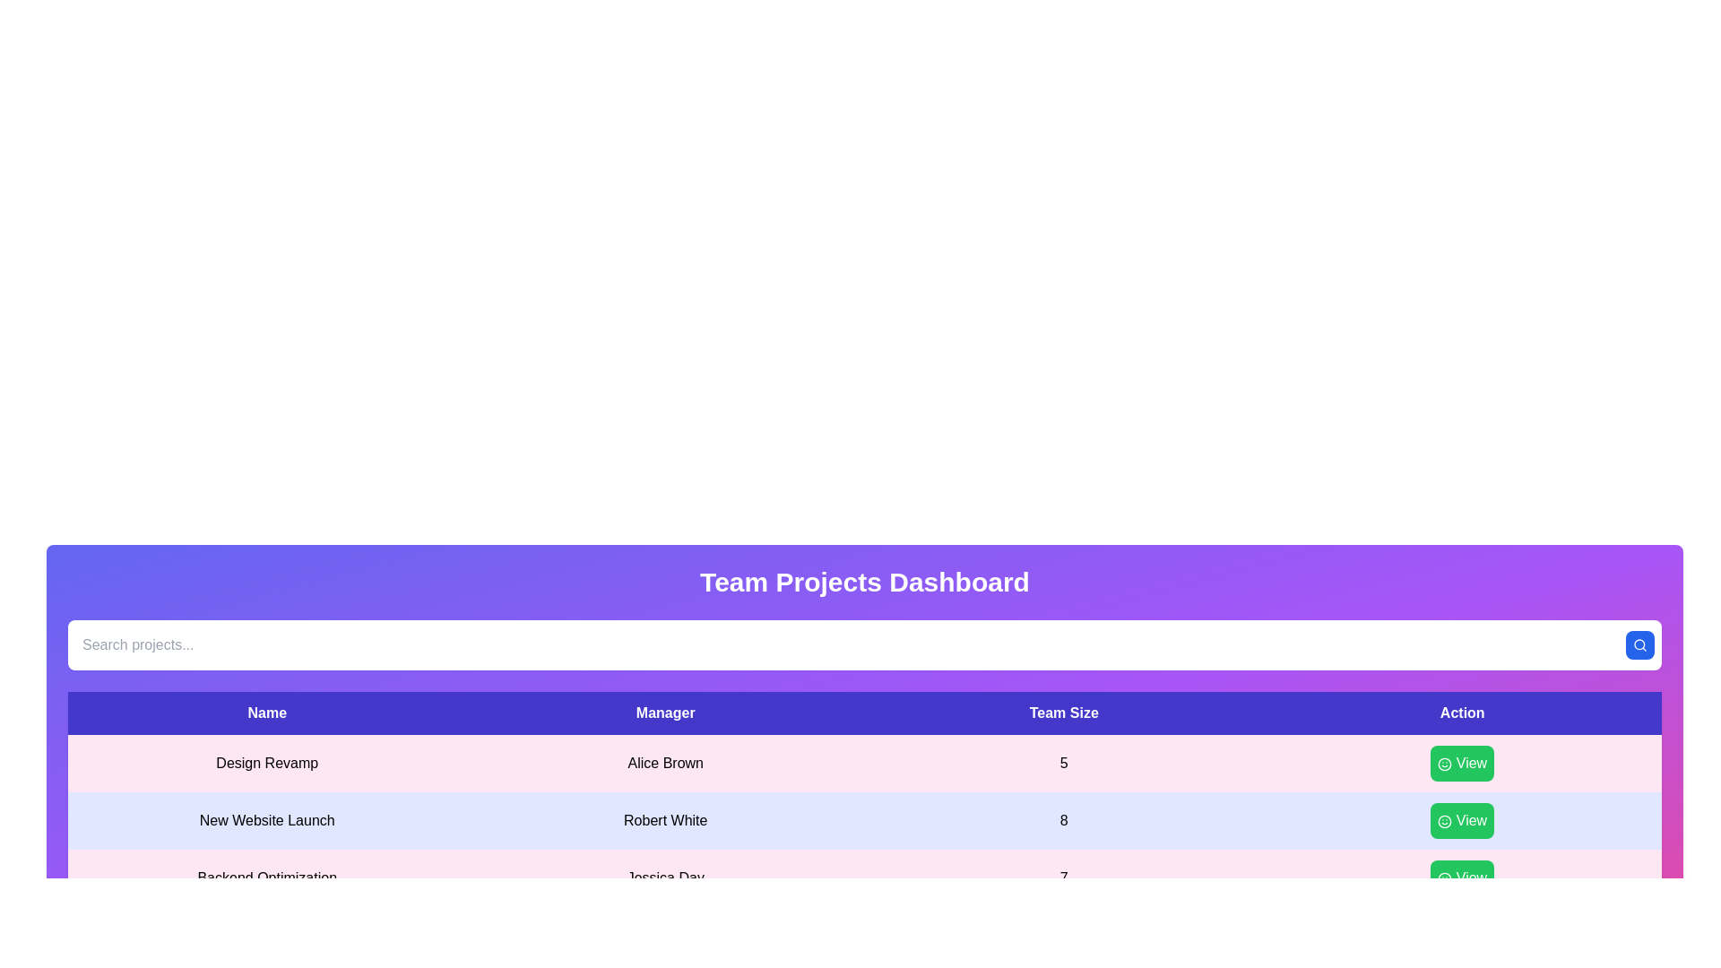 This screenshot has width=1721, height=968. What do you see at coordinates (1445, 877) in the screenshot?
I see `the Decorative Icon, a circular smiling face located to the left of the 'View' button in the 'Action' column for 'Backend Optimization'` at bounding box center [1445, 877].